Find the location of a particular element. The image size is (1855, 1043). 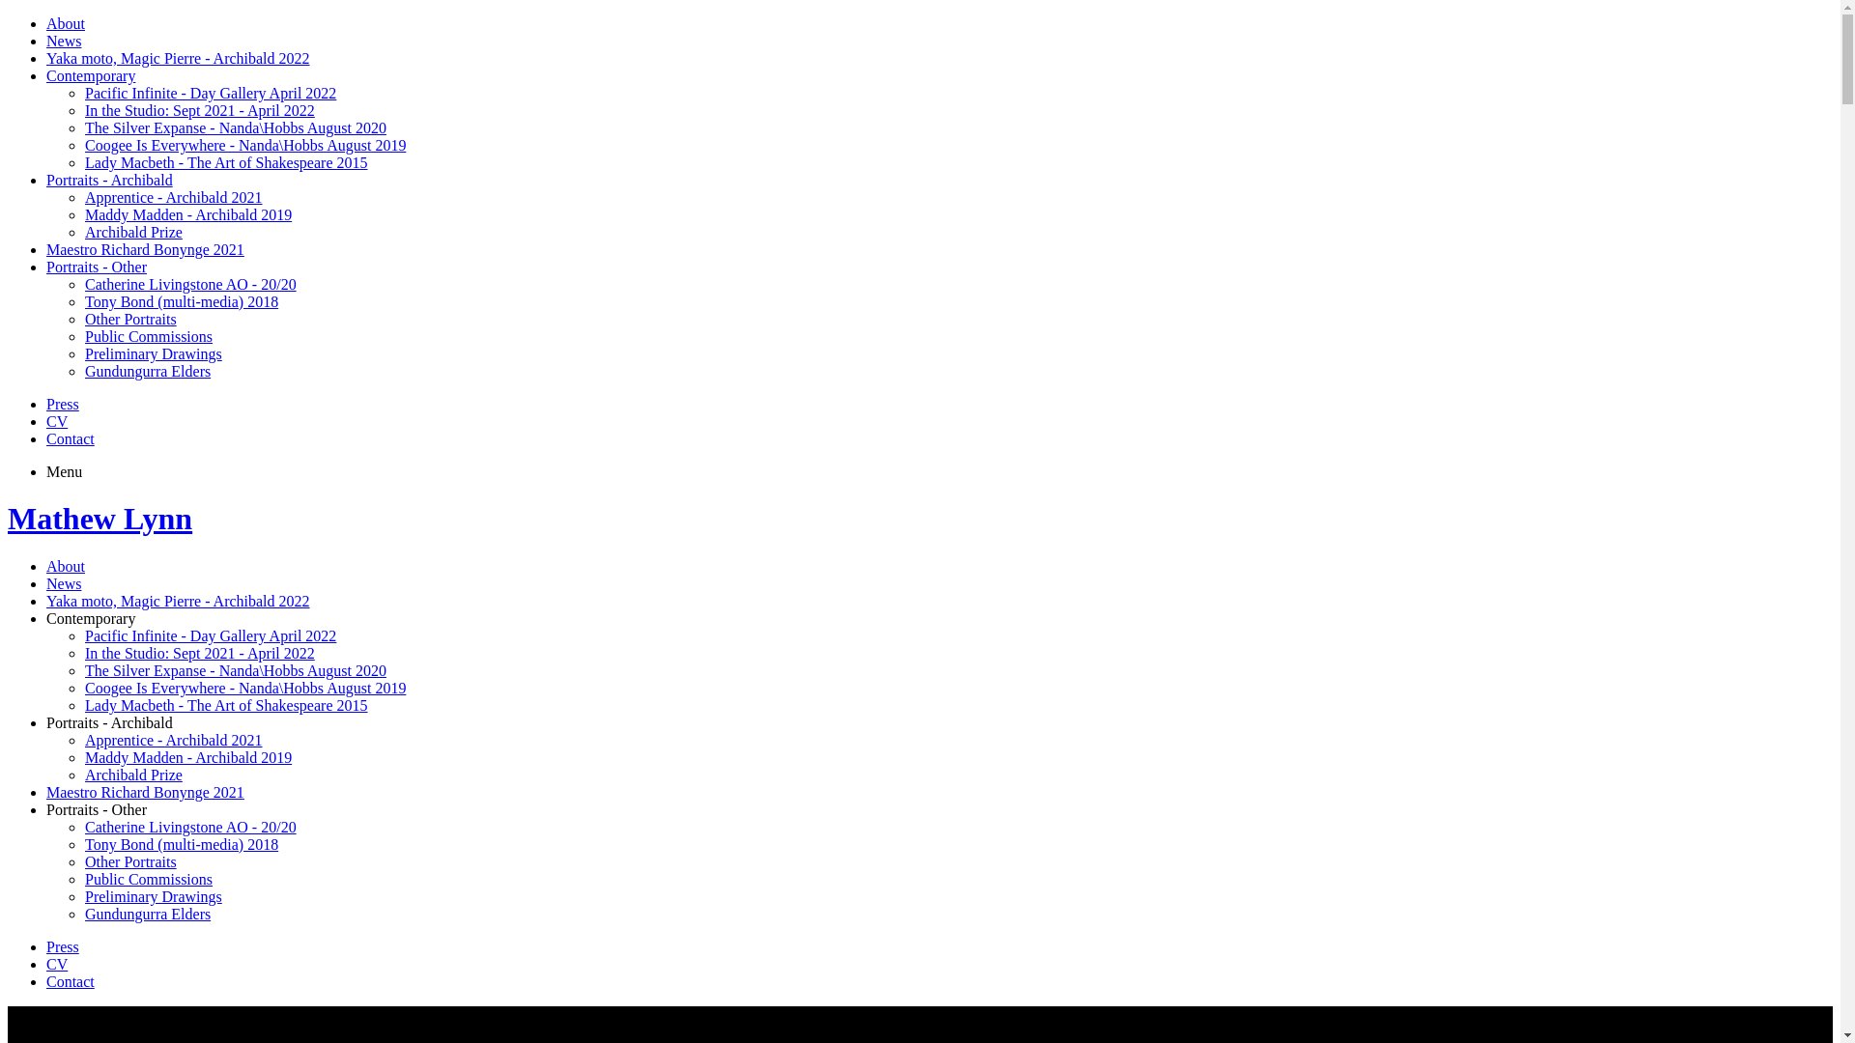

'Menu' is located at coordinates (64, 471).